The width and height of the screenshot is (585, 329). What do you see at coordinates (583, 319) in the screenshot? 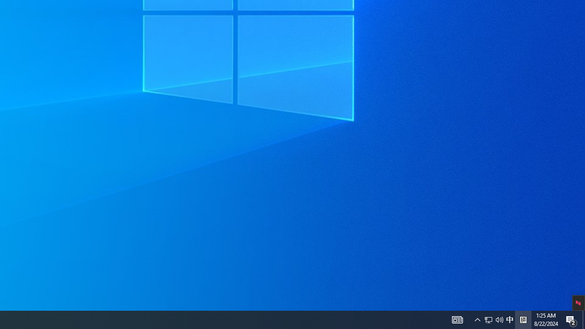
I see `'Show desktop'` at bounding box center [583, 319].